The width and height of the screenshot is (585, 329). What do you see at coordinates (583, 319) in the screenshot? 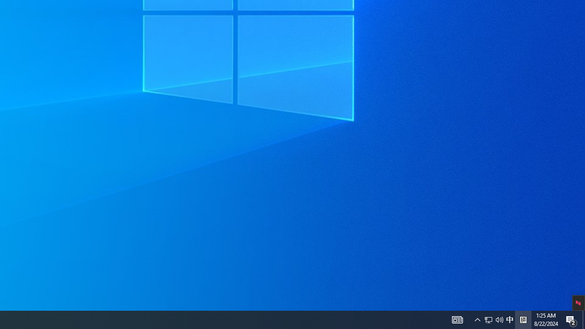
I see `'Show desktop'` at bounding box center [583, 319].